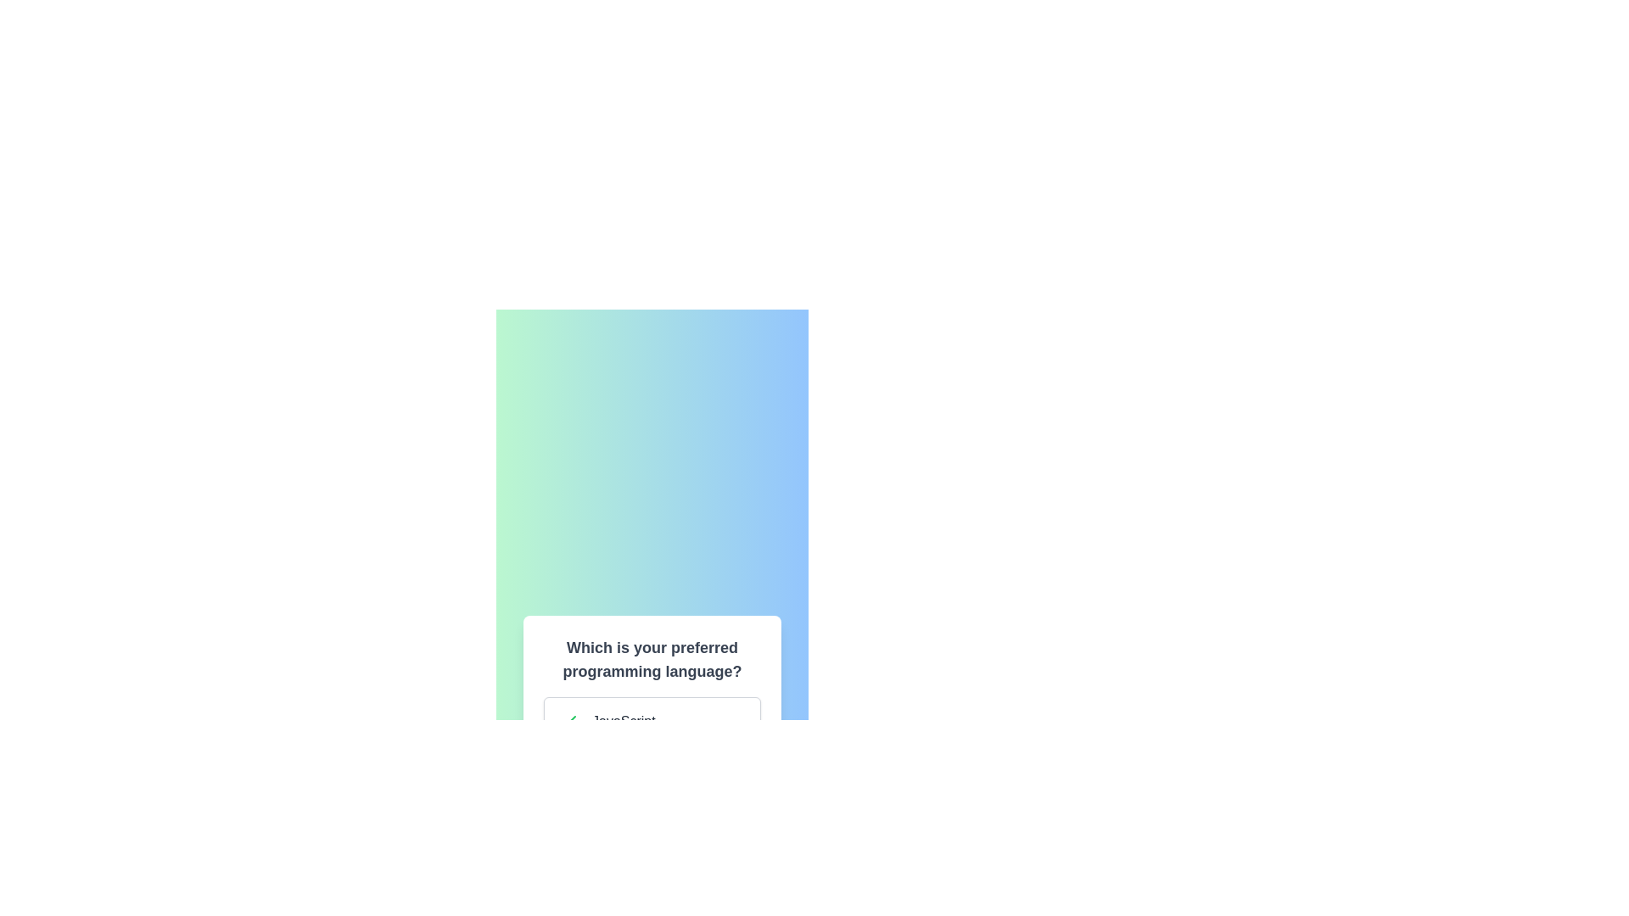  What do you see at coordinates (651, 722) in the screenshot?
I see `the topmost selectable option for 'JavaScript' in the programming language list` at bounding box center [651, 722].